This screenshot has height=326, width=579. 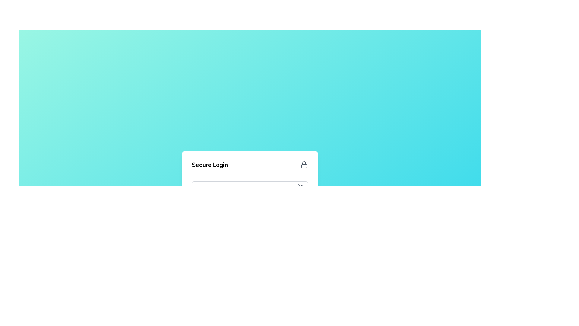 I want to click on the icon button, so click(x=301, y=187).